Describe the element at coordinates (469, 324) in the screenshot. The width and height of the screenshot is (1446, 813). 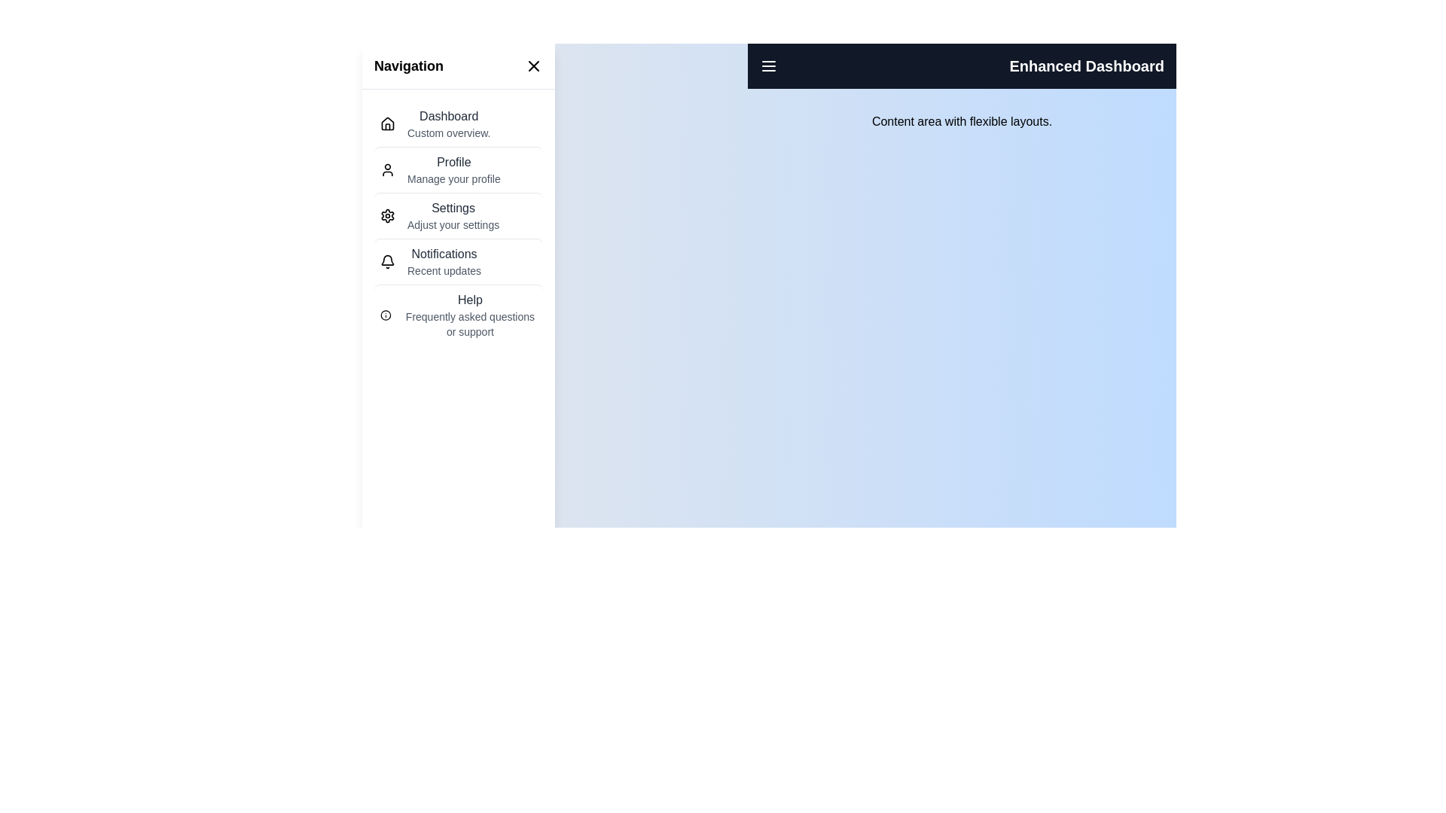
I see `the text label reading 'Frequently asked questions or support' located directly below the 'Help' heading in the navigation menu` at that location.